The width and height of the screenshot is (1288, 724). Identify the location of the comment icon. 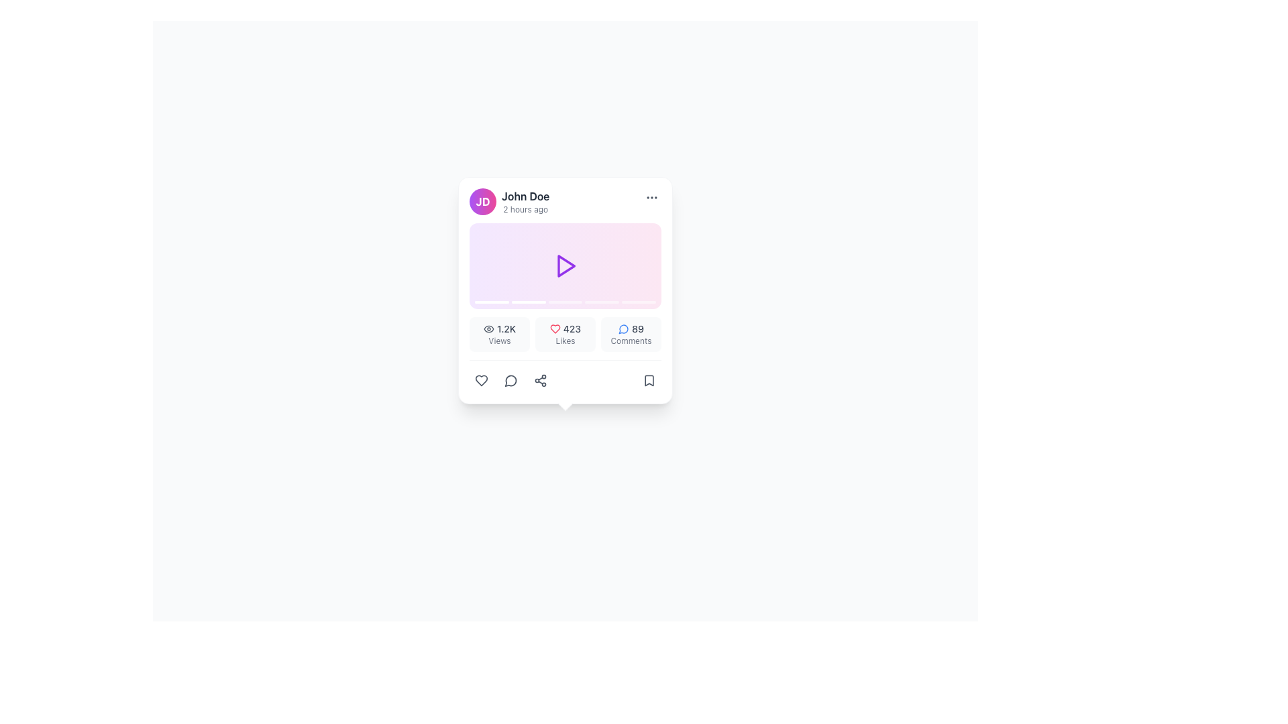
(623, 328).